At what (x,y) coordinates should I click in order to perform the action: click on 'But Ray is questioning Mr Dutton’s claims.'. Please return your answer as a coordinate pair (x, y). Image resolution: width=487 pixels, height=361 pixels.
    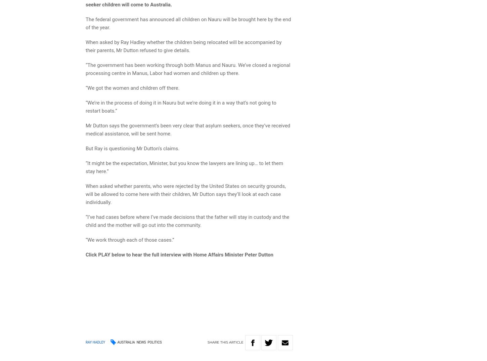
    Looking at the image, I should click on (132, 148).